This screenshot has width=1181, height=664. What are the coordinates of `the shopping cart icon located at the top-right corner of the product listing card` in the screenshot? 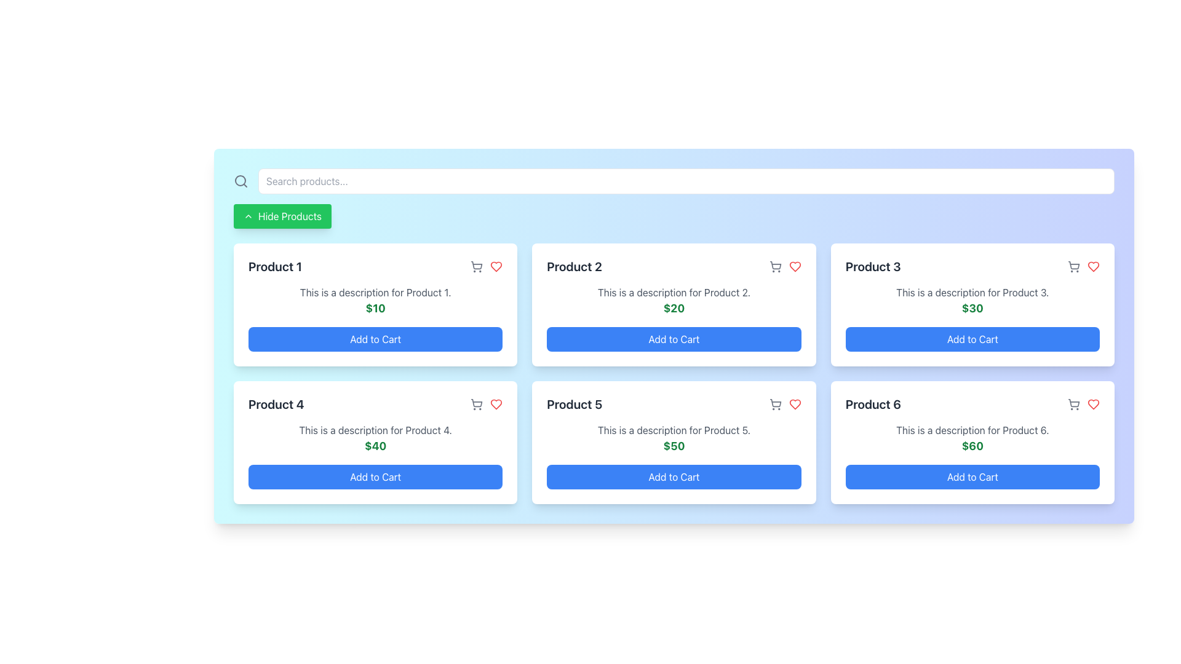 It's located at (476, 405).